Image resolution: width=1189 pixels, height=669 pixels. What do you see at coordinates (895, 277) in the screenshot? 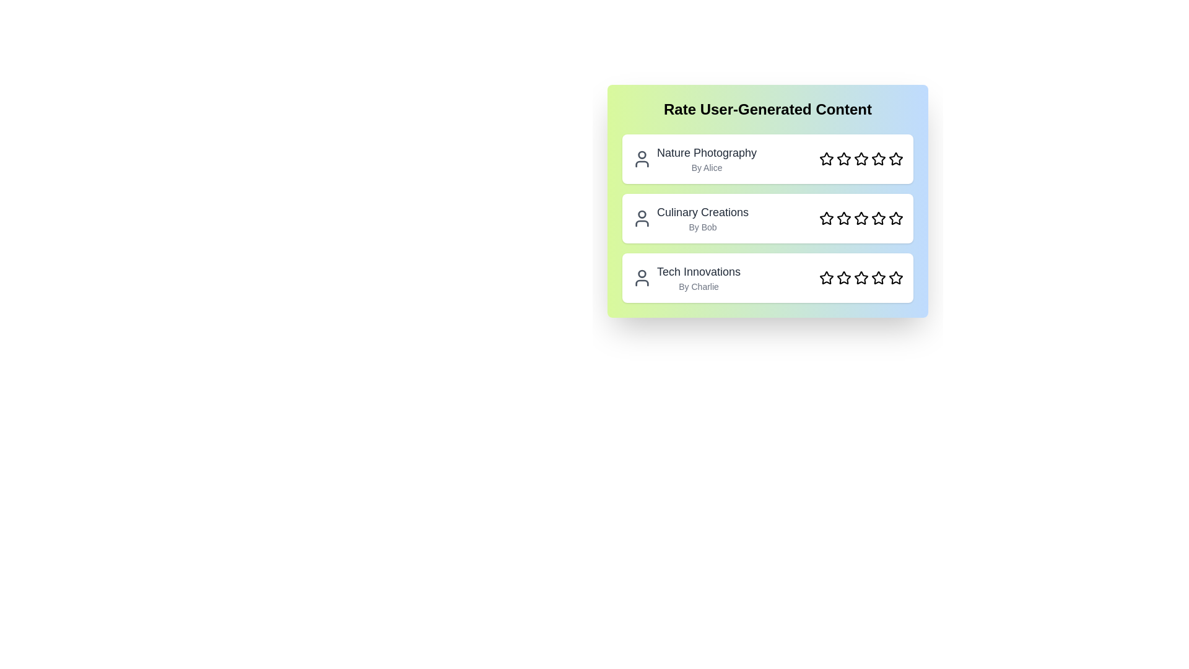
I see `the star corresponding to the rating 5 for the content Tech Innovations` at bounding box center [895, 277].